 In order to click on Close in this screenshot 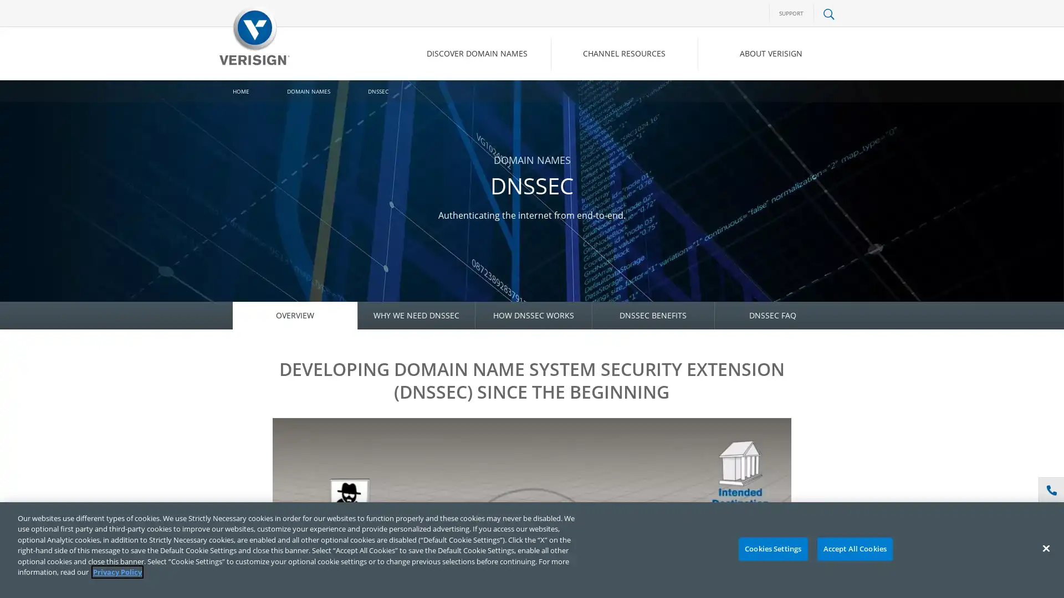, I will do `click(1045, 548)`.